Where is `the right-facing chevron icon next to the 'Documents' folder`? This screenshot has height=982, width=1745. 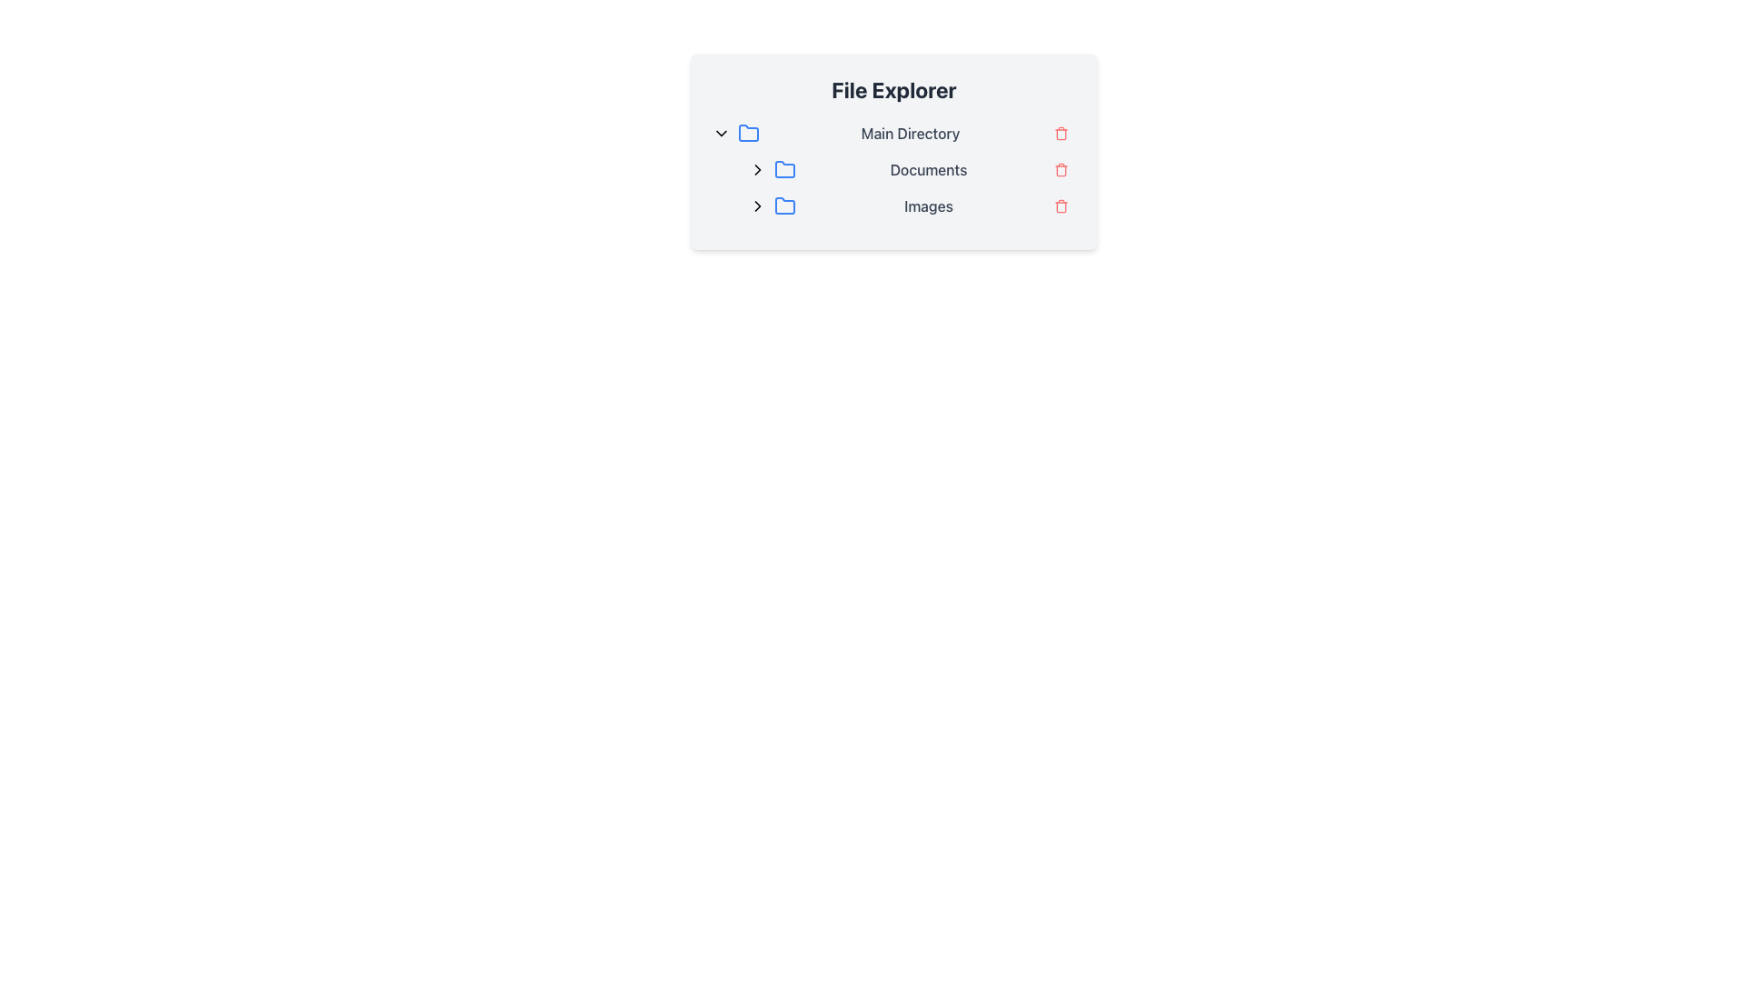
the right-facing chevron icon next to the 'Documents' folder is located at coordinates (758, 205).